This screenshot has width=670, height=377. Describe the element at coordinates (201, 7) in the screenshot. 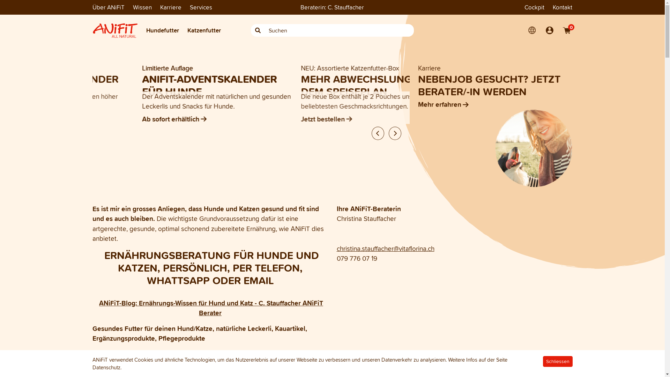

I see `'Services'` at that location.